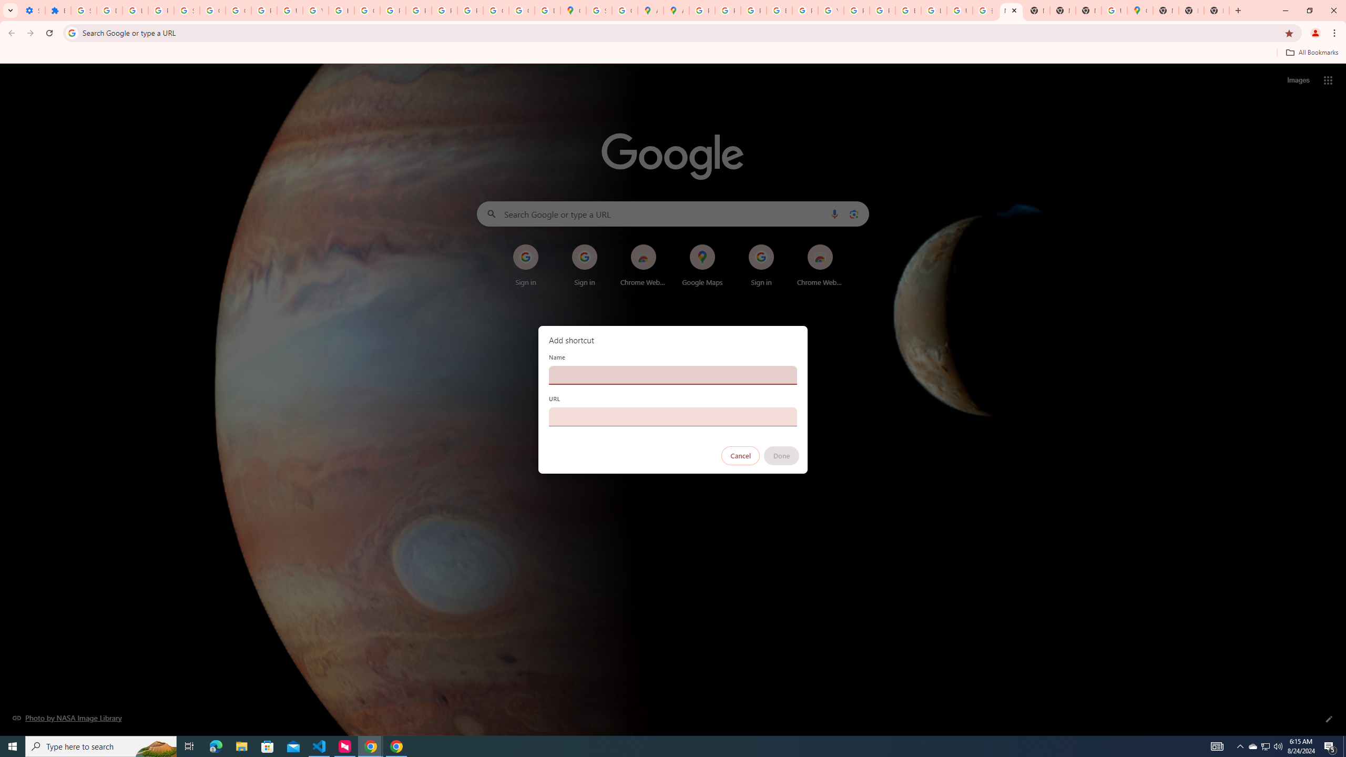 Image resolution: width=1346 pixels, height=757 pixels. I want to click on 'Policy Accountability and Transparency - Transparency Center', so click(702, 10).